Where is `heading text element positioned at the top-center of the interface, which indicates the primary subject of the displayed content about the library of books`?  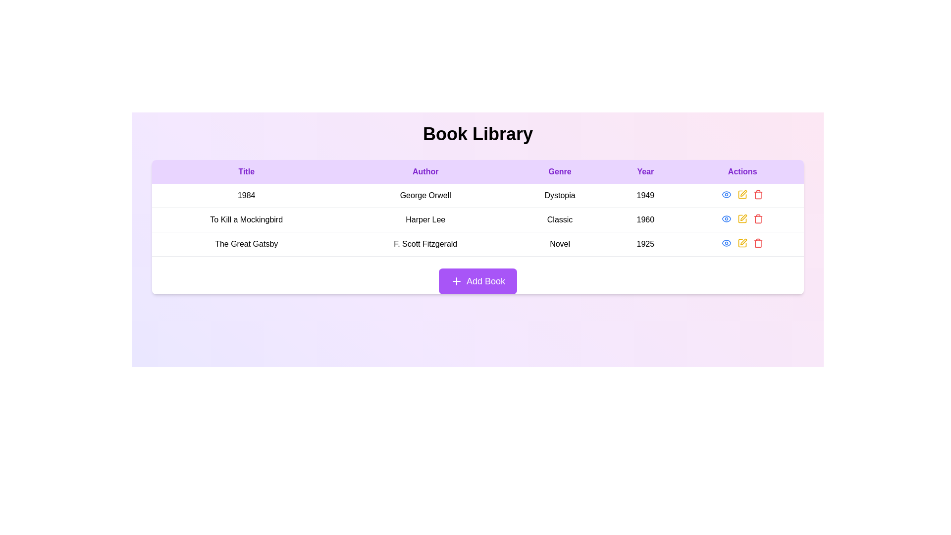 heading text element positioned at the top-center of the interface, which indicates the primary subject of the displayed content about the library of books is located at coordinates (477, 134).